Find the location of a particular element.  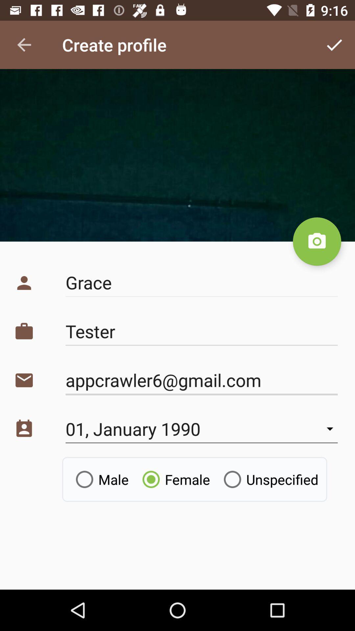

the photo icon is located at coordinates (317, 241).